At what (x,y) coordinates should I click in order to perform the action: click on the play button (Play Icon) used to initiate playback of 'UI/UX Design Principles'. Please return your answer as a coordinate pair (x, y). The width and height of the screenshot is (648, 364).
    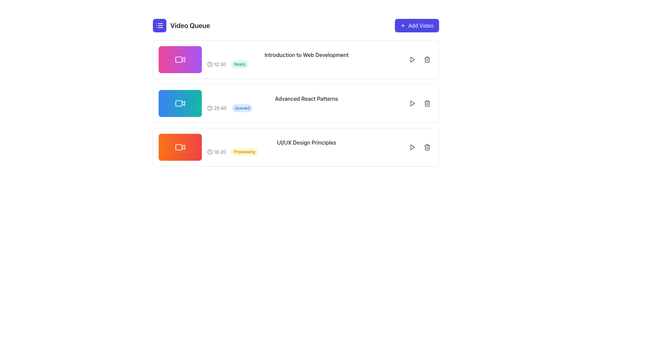
    Looking at the image, I should click on (412, 147).